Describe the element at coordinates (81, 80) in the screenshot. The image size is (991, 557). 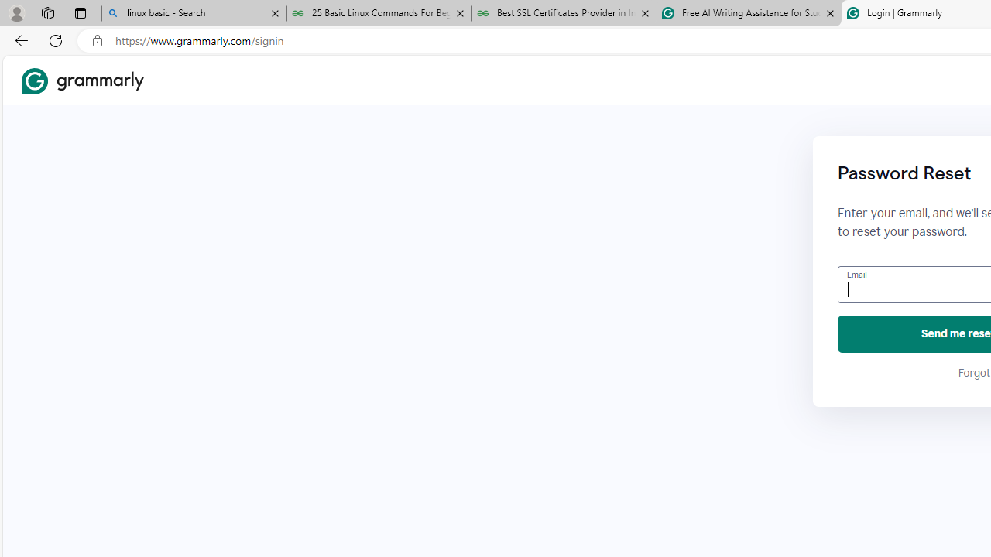
I see `'Grammarly Home'` at that location.